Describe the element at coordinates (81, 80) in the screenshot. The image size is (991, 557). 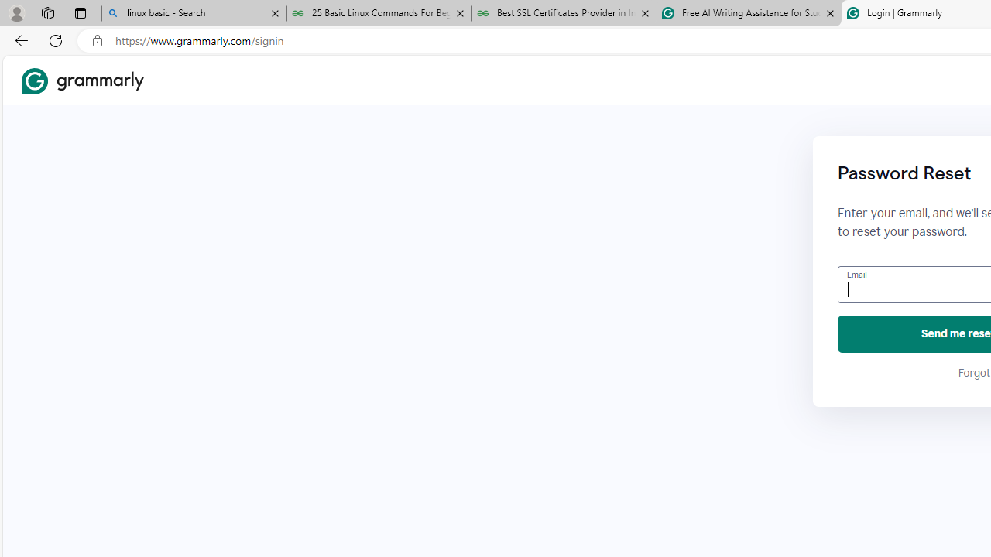
I see `'Grammarly Home'` at that location.